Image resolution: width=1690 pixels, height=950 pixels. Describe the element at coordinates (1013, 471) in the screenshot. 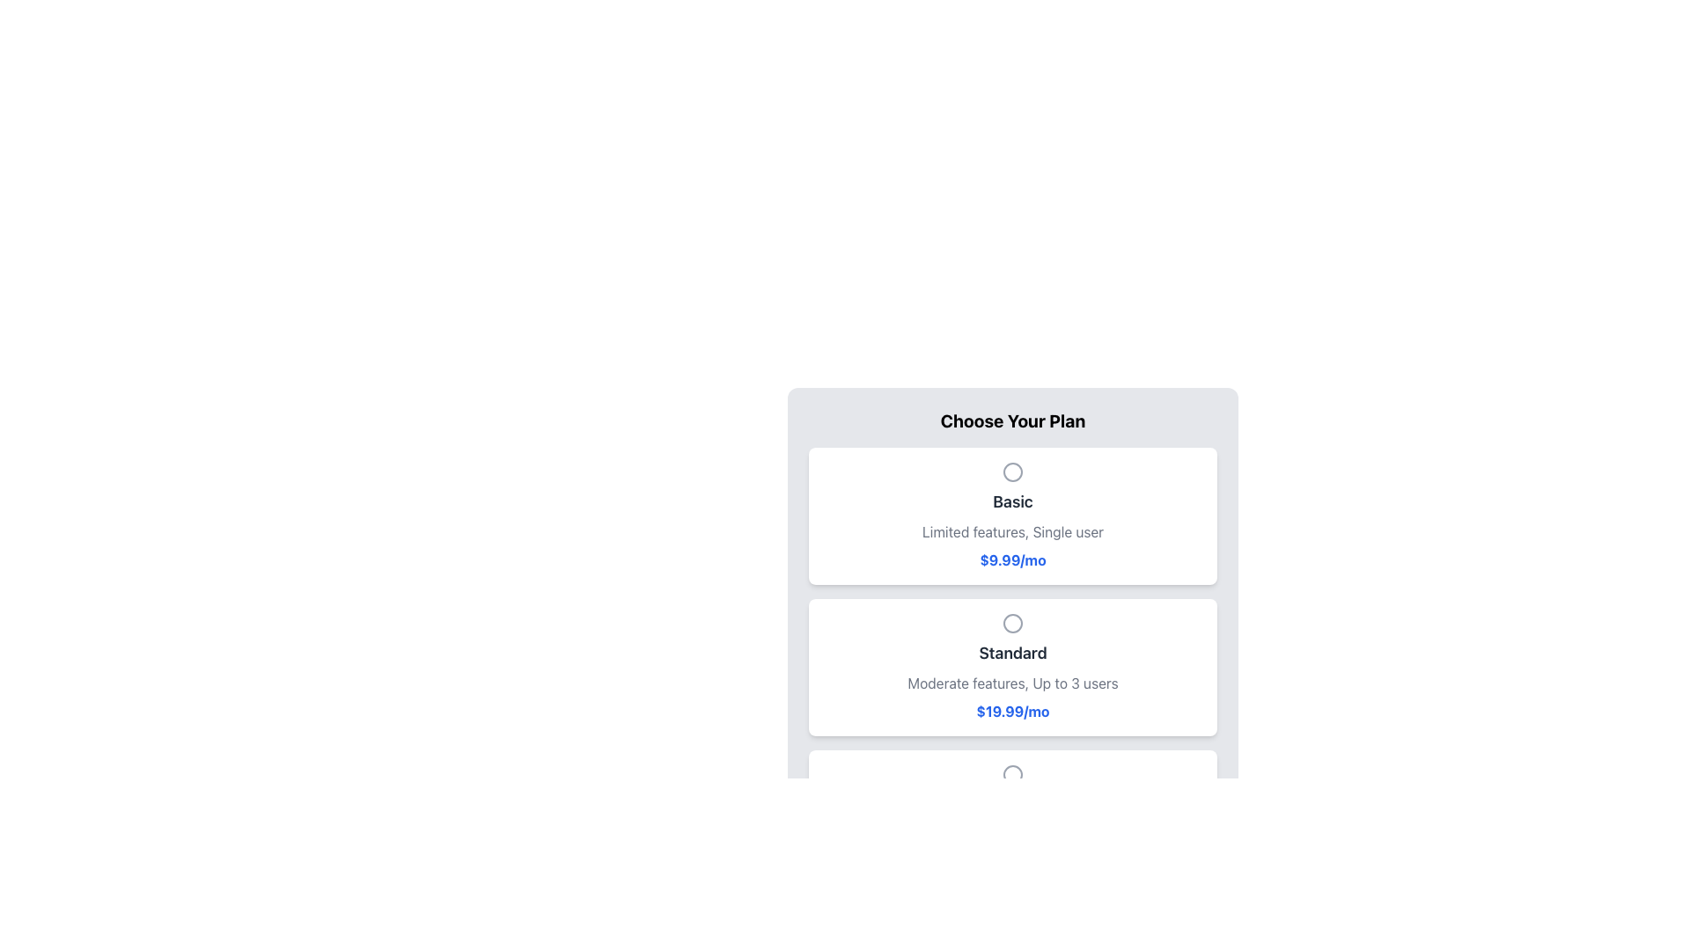

I see `the circular shape element with a thin, smooth outline, located above the 'Basic' plan section of the pricing options panel` at that location.